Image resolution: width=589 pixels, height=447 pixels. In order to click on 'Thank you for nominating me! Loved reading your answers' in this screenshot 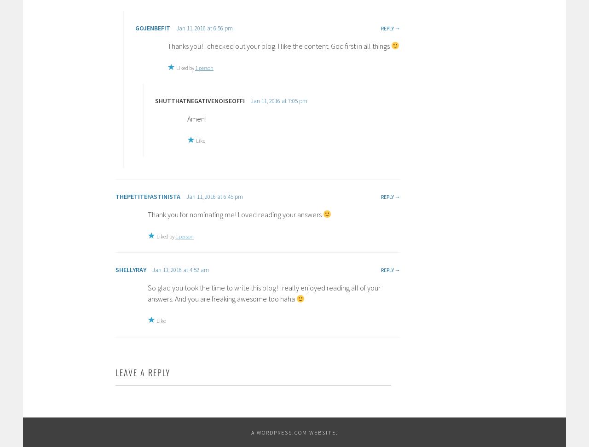, I will do `click(235, 214)`.